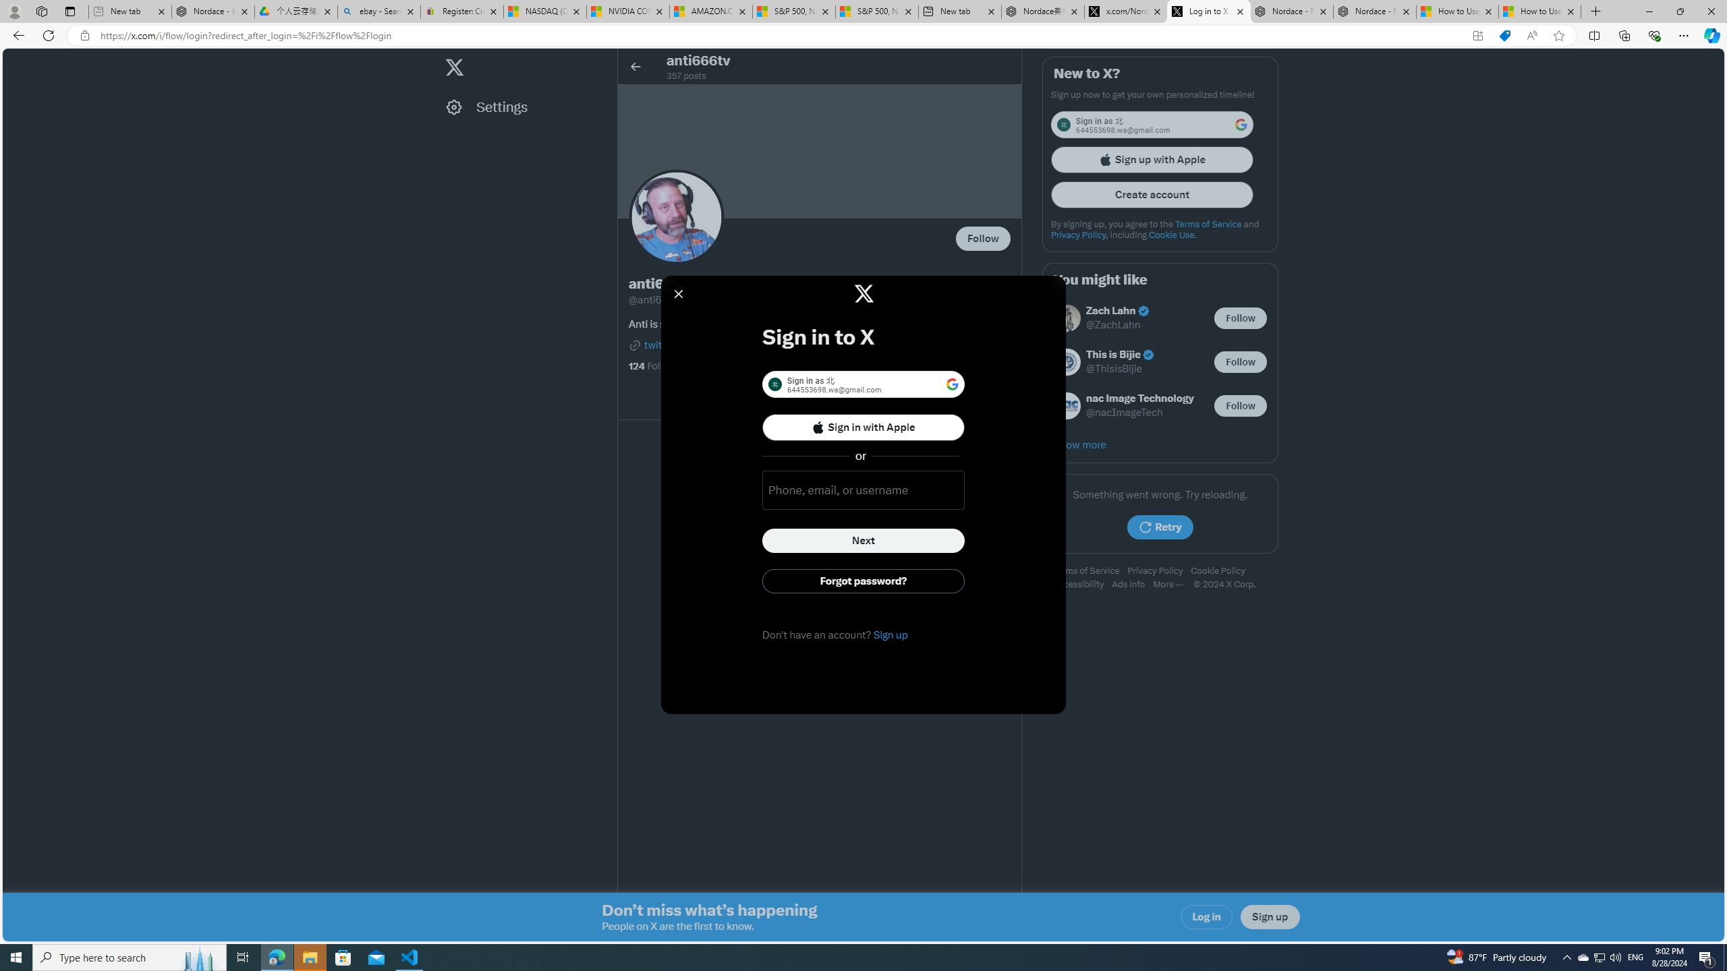 The image size is (1727, 971). I want to click on 'Browser essentials', so click(1653, 34).